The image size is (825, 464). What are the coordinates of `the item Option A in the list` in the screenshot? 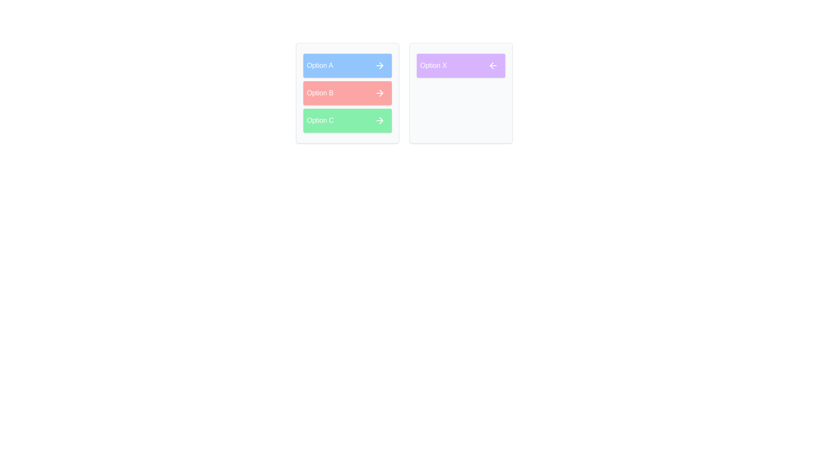 It's located at (348, 65).